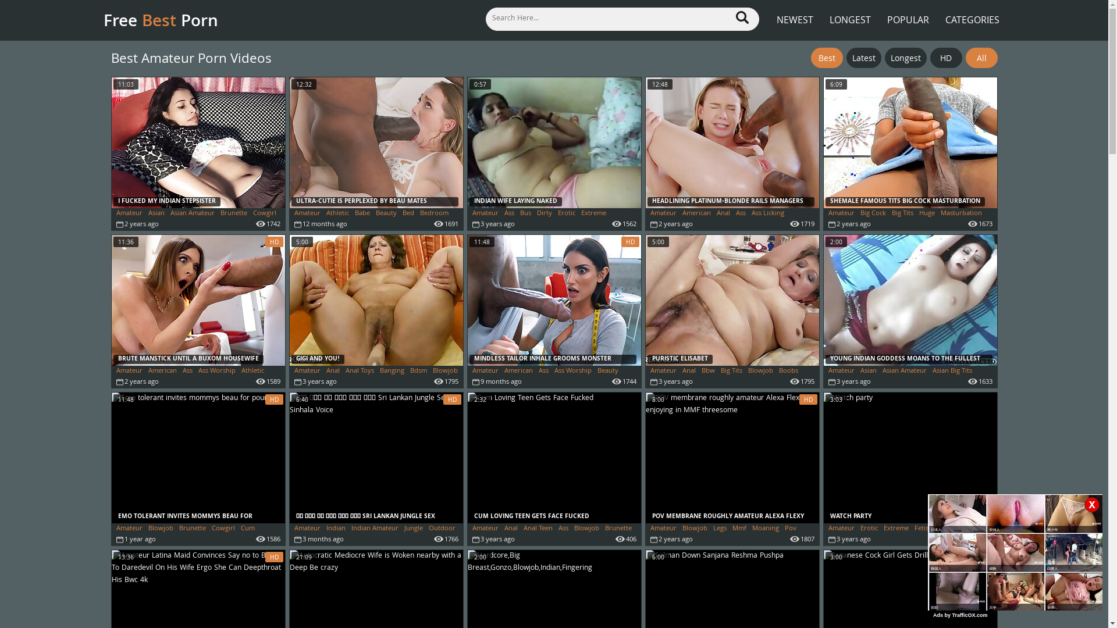  I want to click on 'Cowgirl', so click(264, 213).